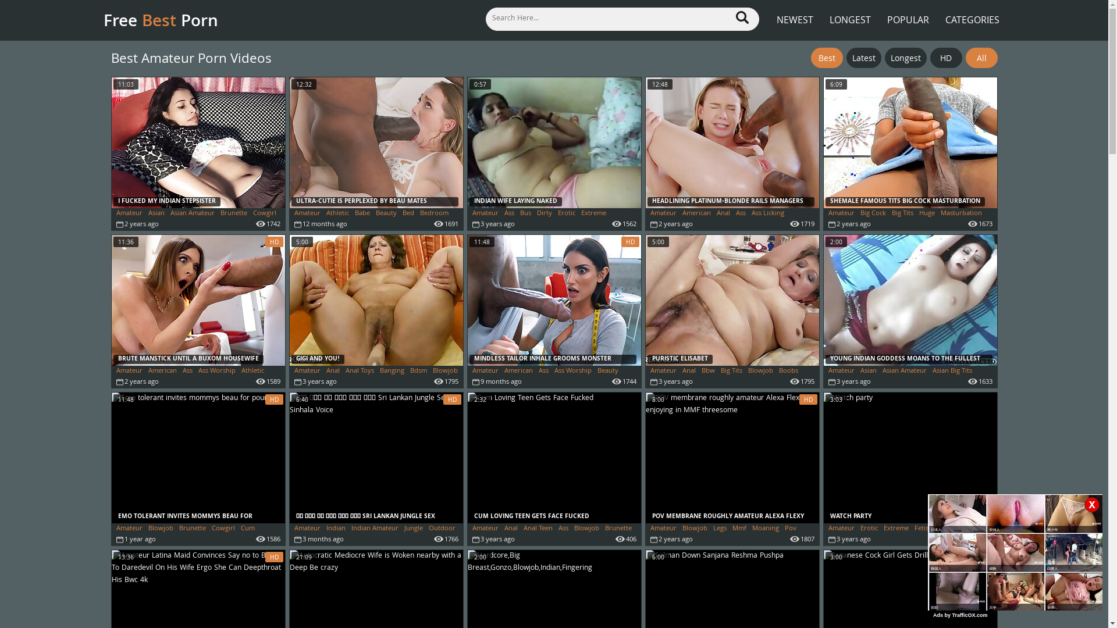  I want to click on 'Cowgirl', so click(264, 213).